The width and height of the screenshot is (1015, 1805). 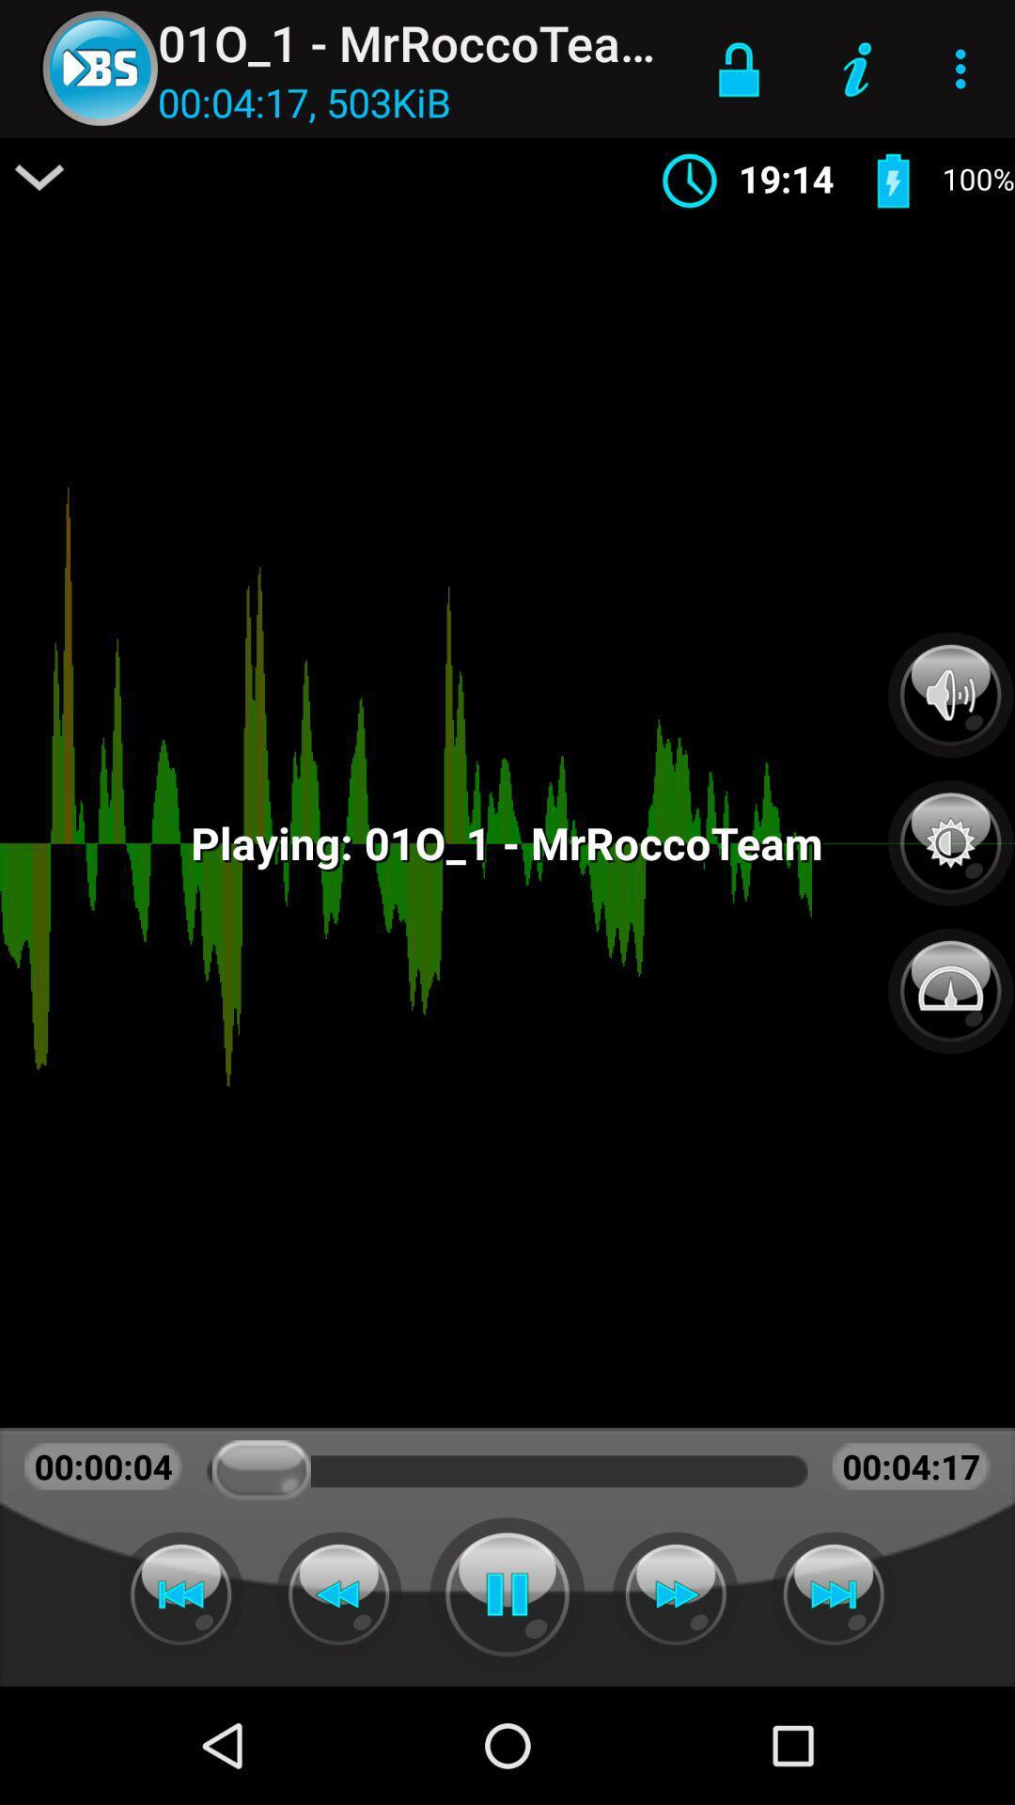 I want to click on speaker button, so click(x=950, y=694).